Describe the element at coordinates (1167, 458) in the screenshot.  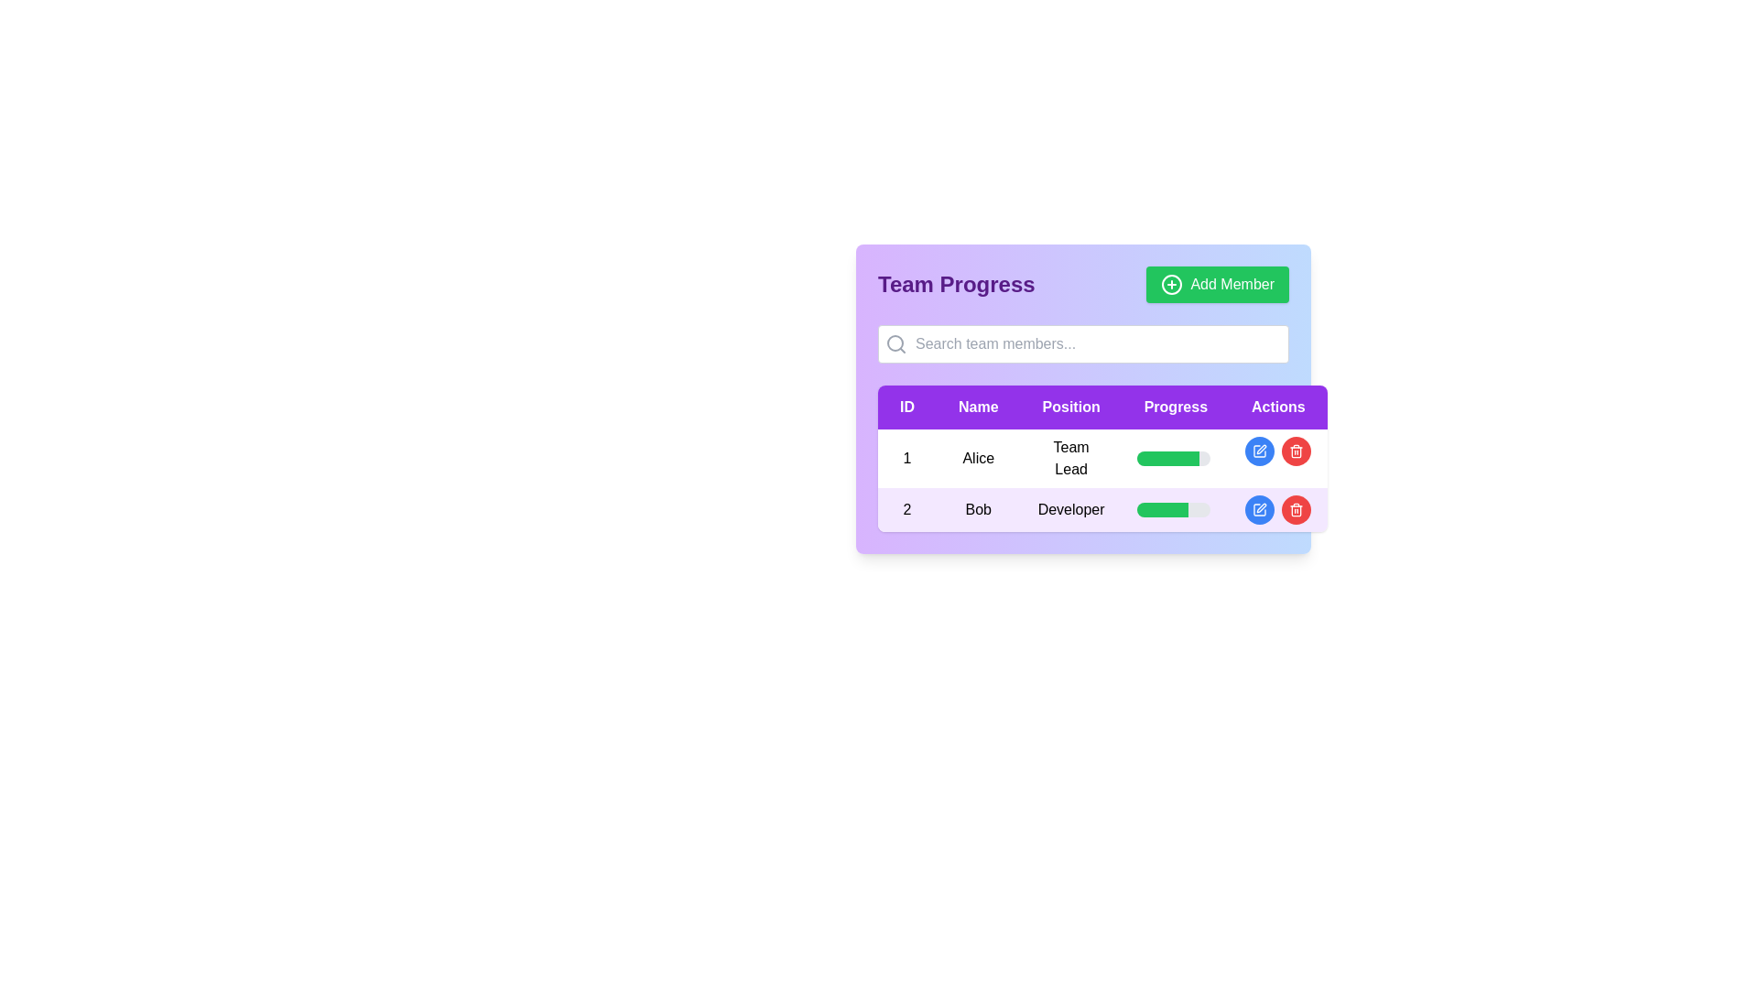
I see `the green progress bar representing 85% progress in the 'Progress' column for 'Alice' in the 'Team Progress' table` at that location.